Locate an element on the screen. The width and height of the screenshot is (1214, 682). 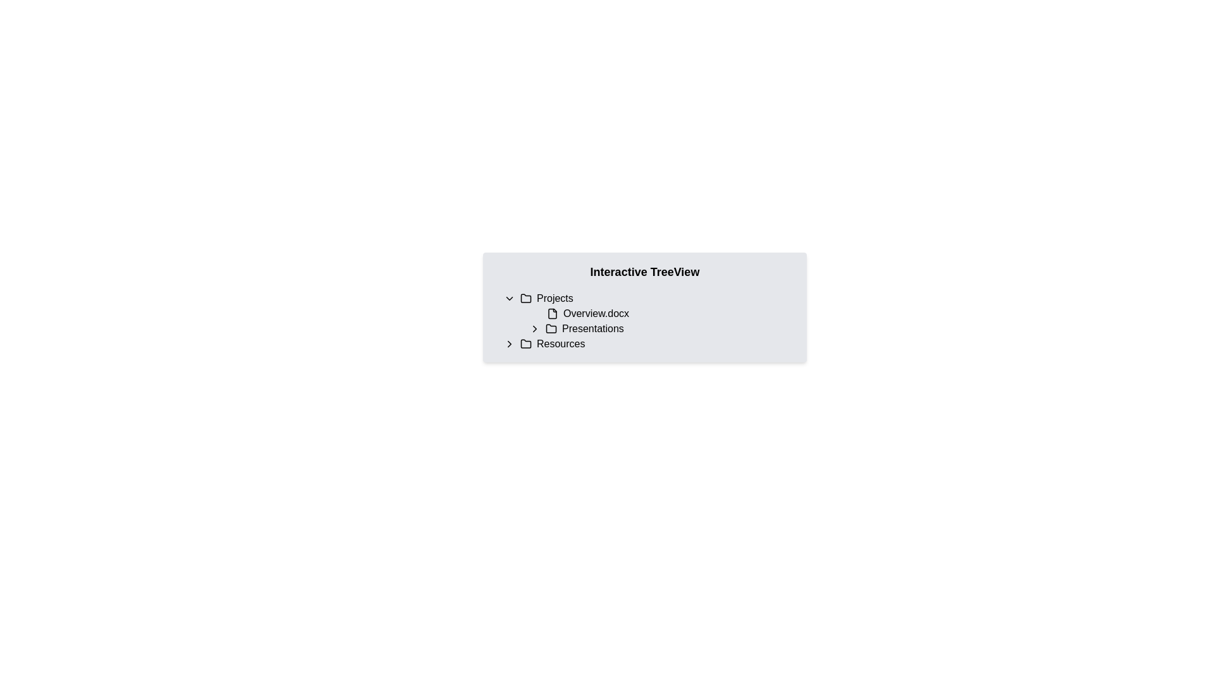
the text label indicating the name of a folder in the tree view interface, positioned between a folder icon and a chevron indicator is located at coordinates (555, 299).